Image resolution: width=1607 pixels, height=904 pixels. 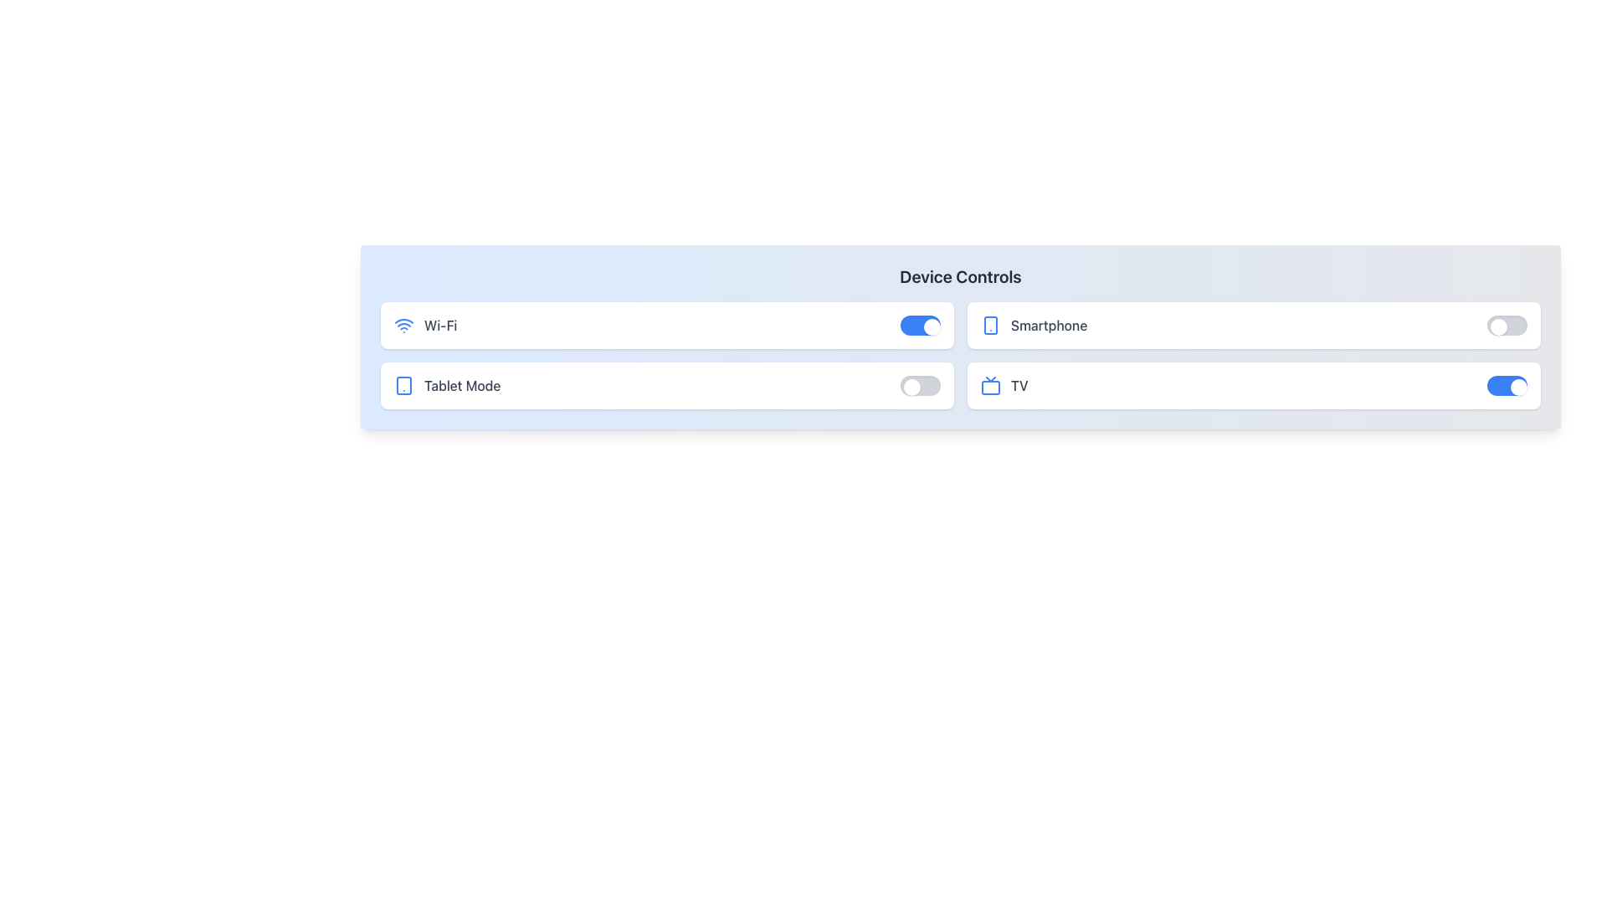 I want to click on the toggle switch for the 'Wi-Fi' function, so click(x=919, y=326).